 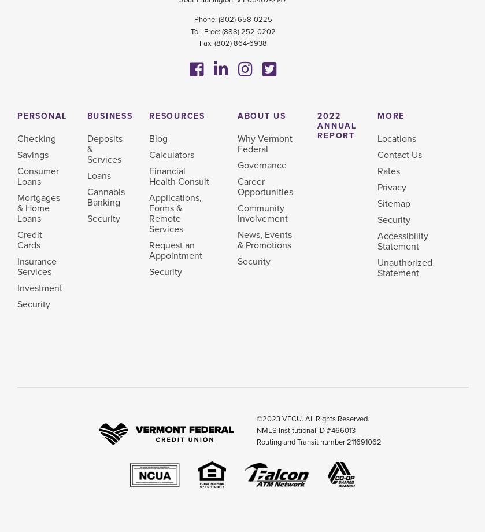 I want to click on 'Rates', so click(x=388, y=171).